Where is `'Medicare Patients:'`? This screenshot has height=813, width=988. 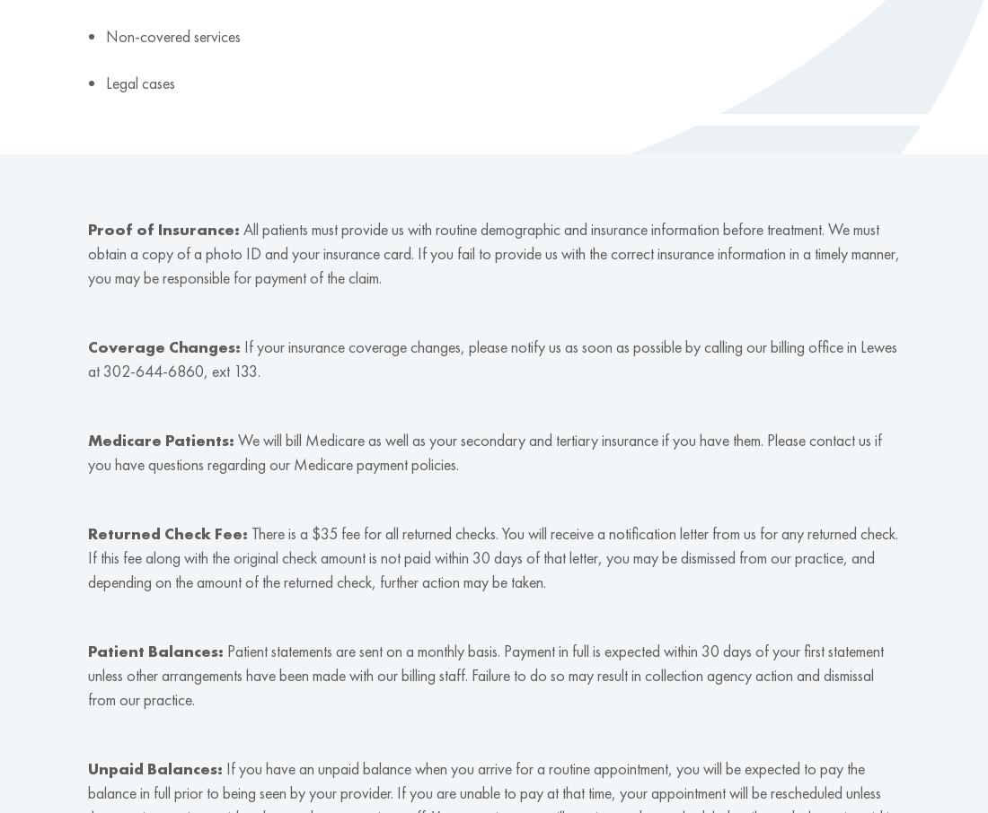
'Medicare Patients:' is located at coordinates (87, 439).